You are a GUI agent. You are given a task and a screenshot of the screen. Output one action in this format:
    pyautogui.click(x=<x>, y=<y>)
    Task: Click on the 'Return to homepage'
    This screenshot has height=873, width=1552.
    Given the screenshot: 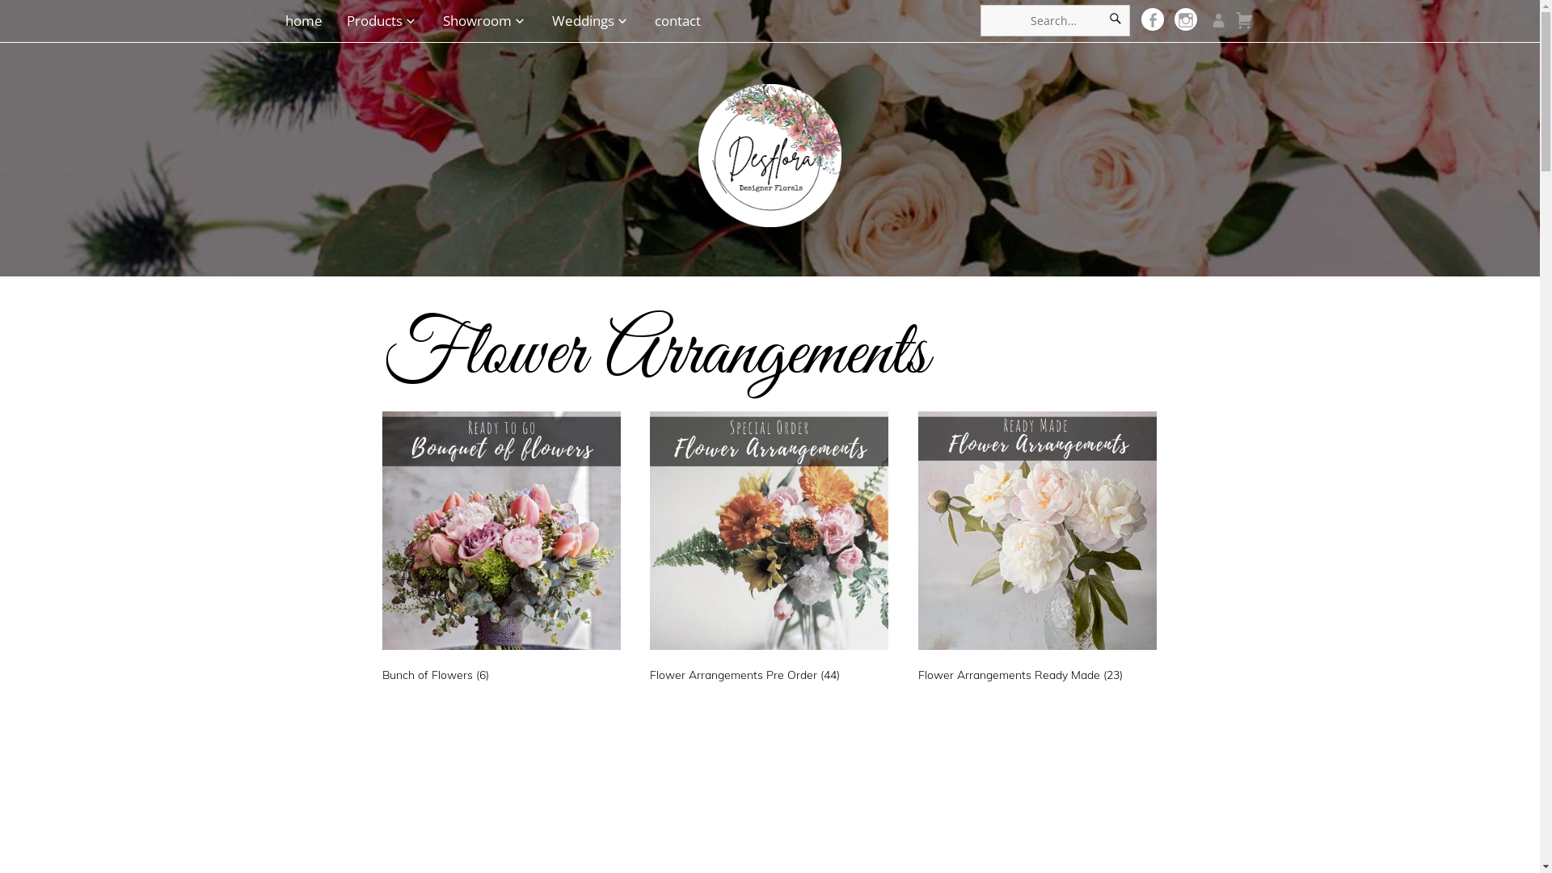 What is the action you would take?
    pyautogui.click(x=698, y=142)
    